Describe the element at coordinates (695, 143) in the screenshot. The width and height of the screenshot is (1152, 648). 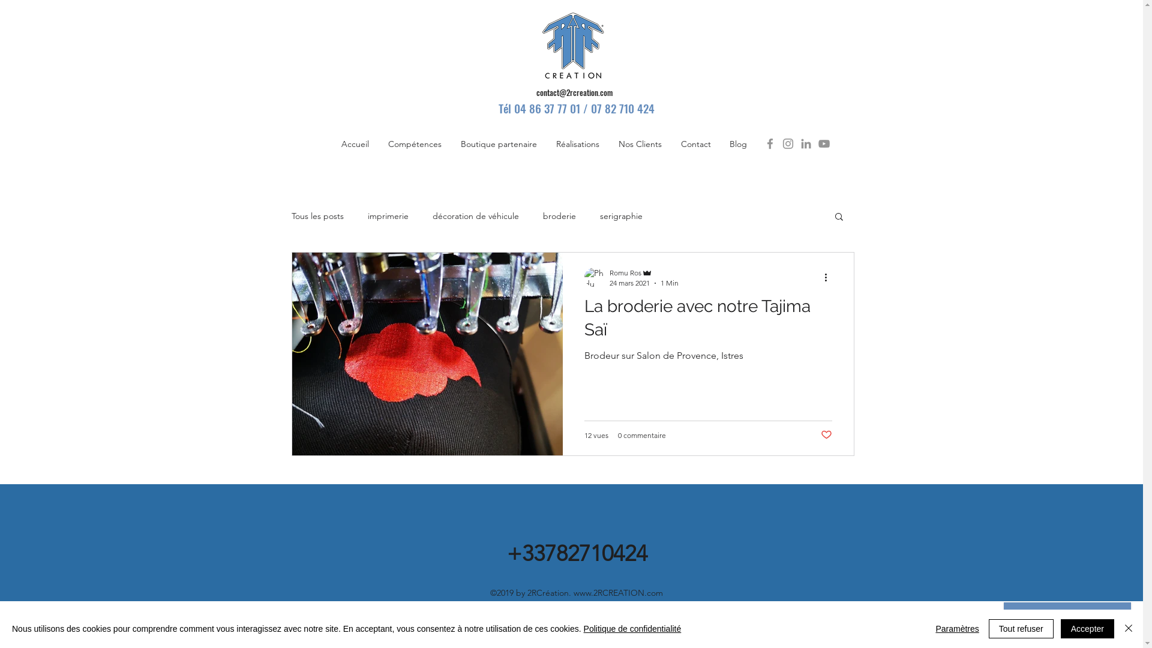
I see `'Contact'` at that location.